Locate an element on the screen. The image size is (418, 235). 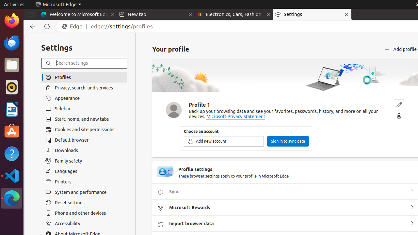
'Family safety' is located at coordinates (84, 161).